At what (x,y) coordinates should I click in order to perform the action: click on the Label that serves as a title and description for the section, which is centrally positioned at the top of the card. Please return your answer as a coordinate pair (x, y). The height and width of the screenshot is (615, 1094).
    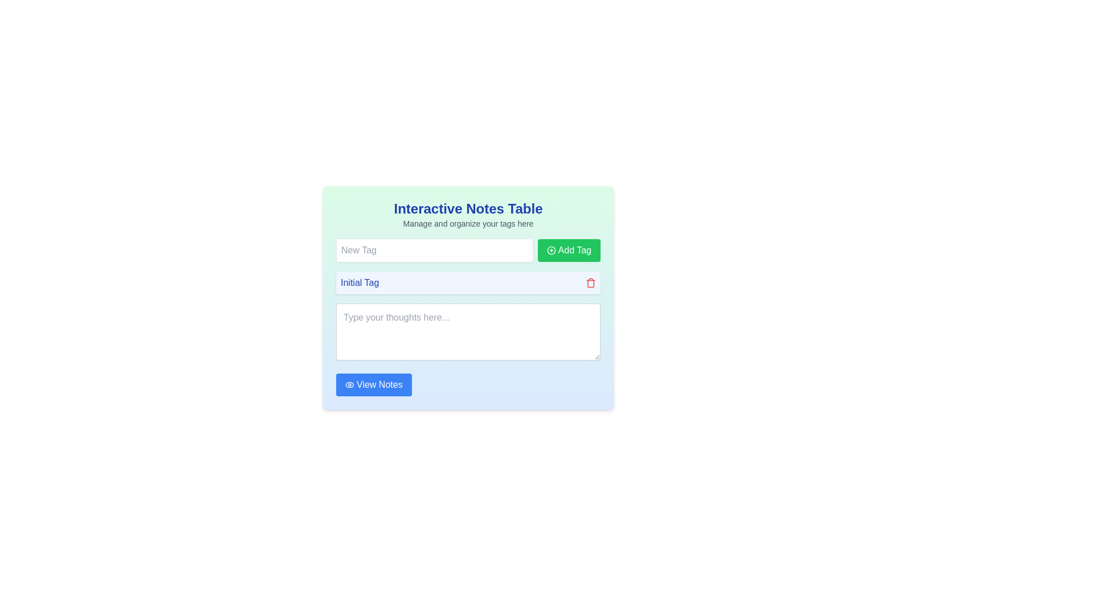
    Looking at the image, I should click on (468, 215).